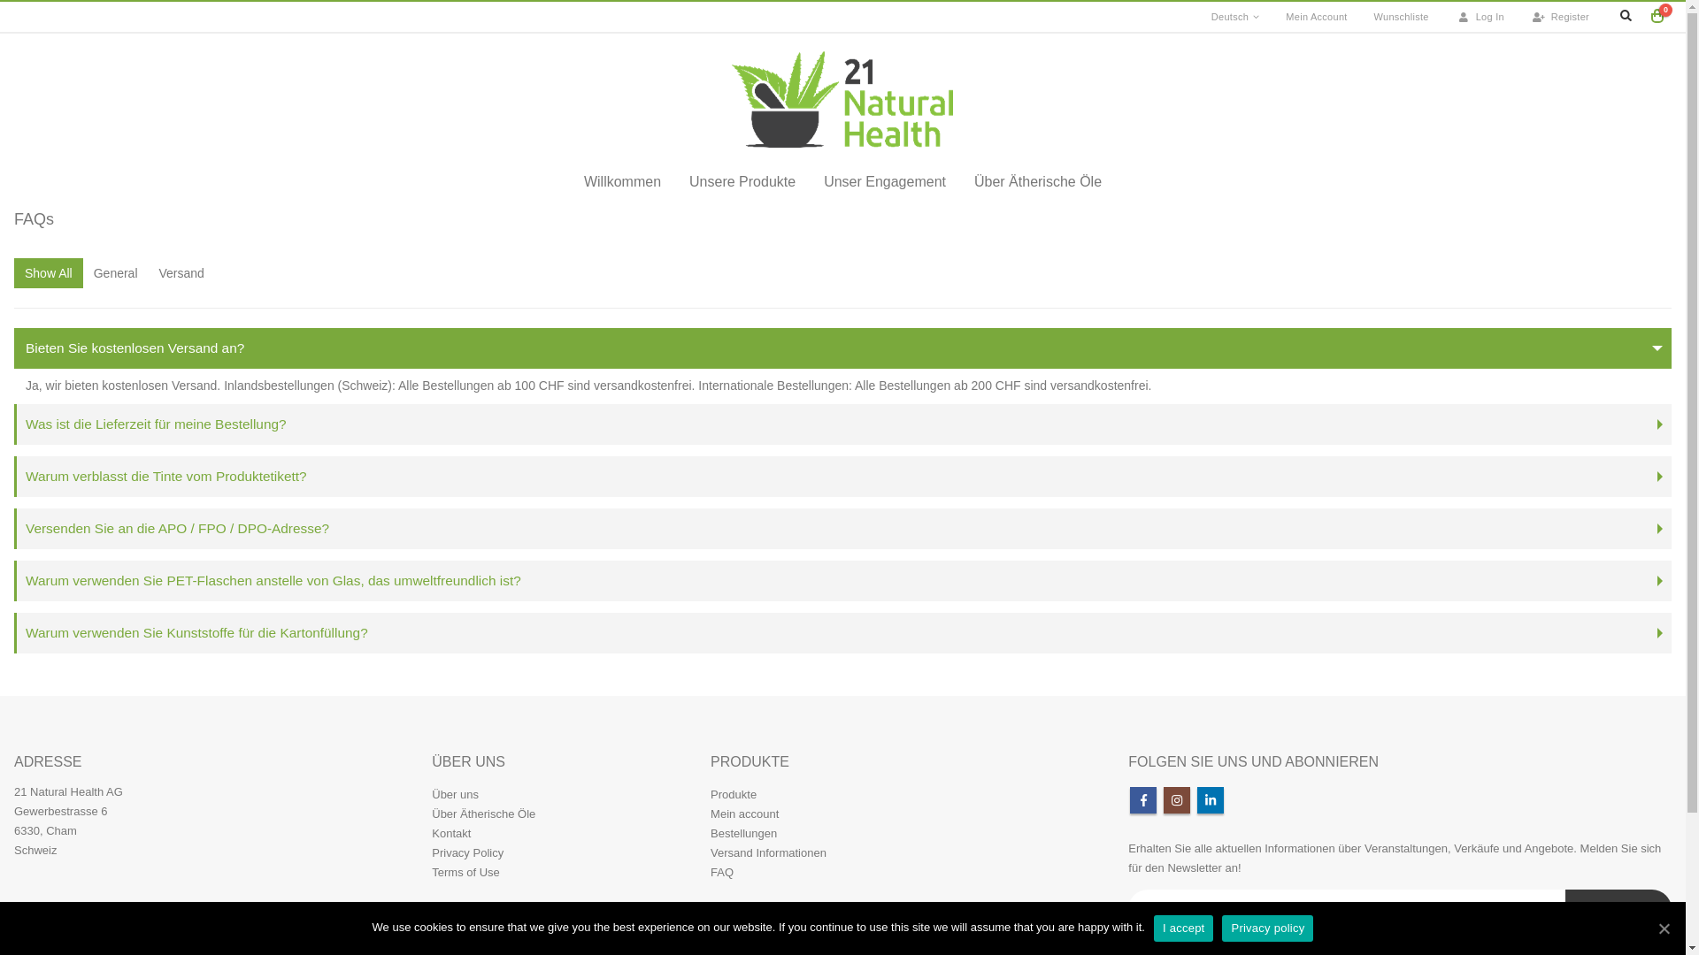  Describe the element at coordinates (734, 793) in the screenshot. I see `'Produkte'` at that location.